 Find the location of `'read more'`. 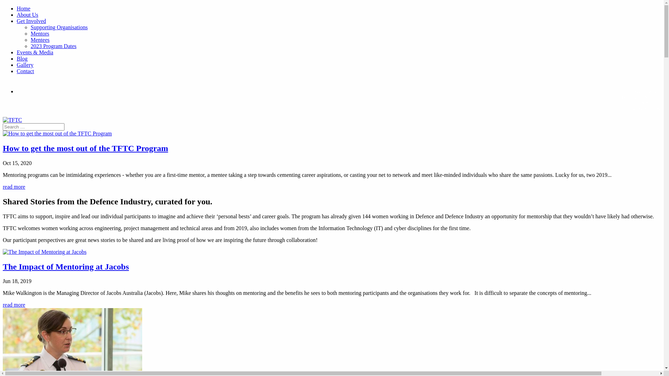

'read more' is located at coordinates (14, 304).